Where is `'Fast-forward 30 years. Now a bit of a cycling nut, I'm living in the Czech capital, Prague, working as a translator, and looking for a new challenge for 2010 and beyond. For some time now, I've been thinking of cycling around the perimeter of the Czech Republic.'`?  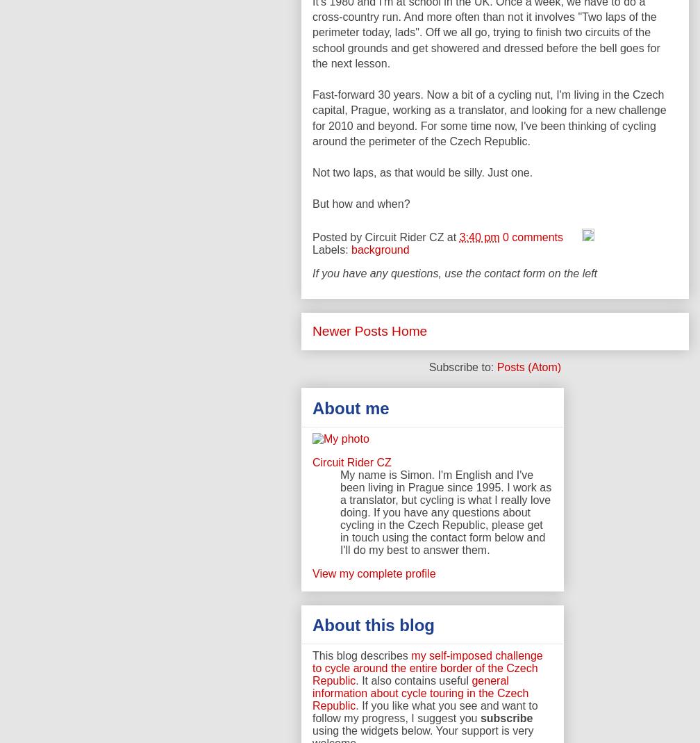 'Fast-forward 30 years. Now a bit of a cycling nut, I'm living in the Czech capital, Prague, working as a translator, and looking for a new challenge for 2010 and beyond. For some time now, I've been thinking of cycling around the perimeter of the Czech Republic.' is located at coordinates (489, 117).